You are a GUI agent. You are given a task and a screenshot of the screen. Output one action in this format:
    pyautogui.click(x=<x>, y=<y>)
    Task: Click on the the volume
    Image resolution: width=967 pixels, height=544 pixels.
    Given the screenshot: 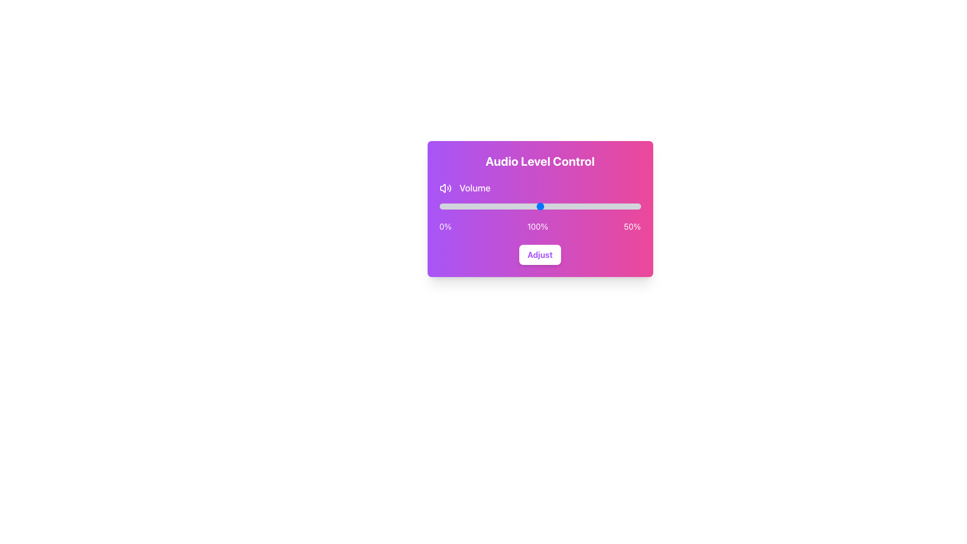 What is the action you would take?
    pyautogui.click(x=562, y=206)
    